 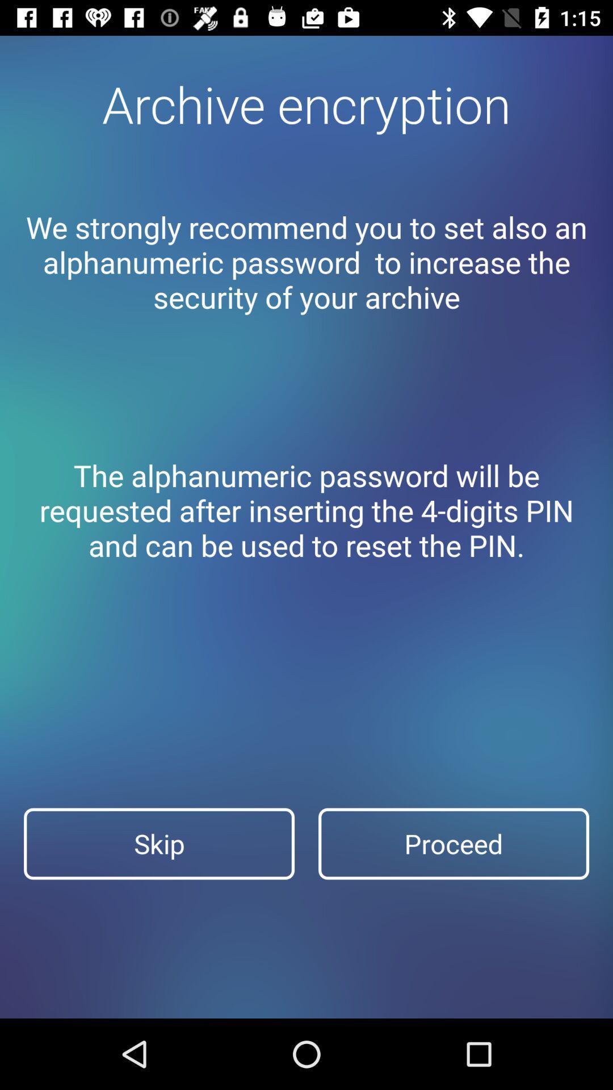 I want to click on the icon below the alphanumeric password item, so click(x=159, y=844).